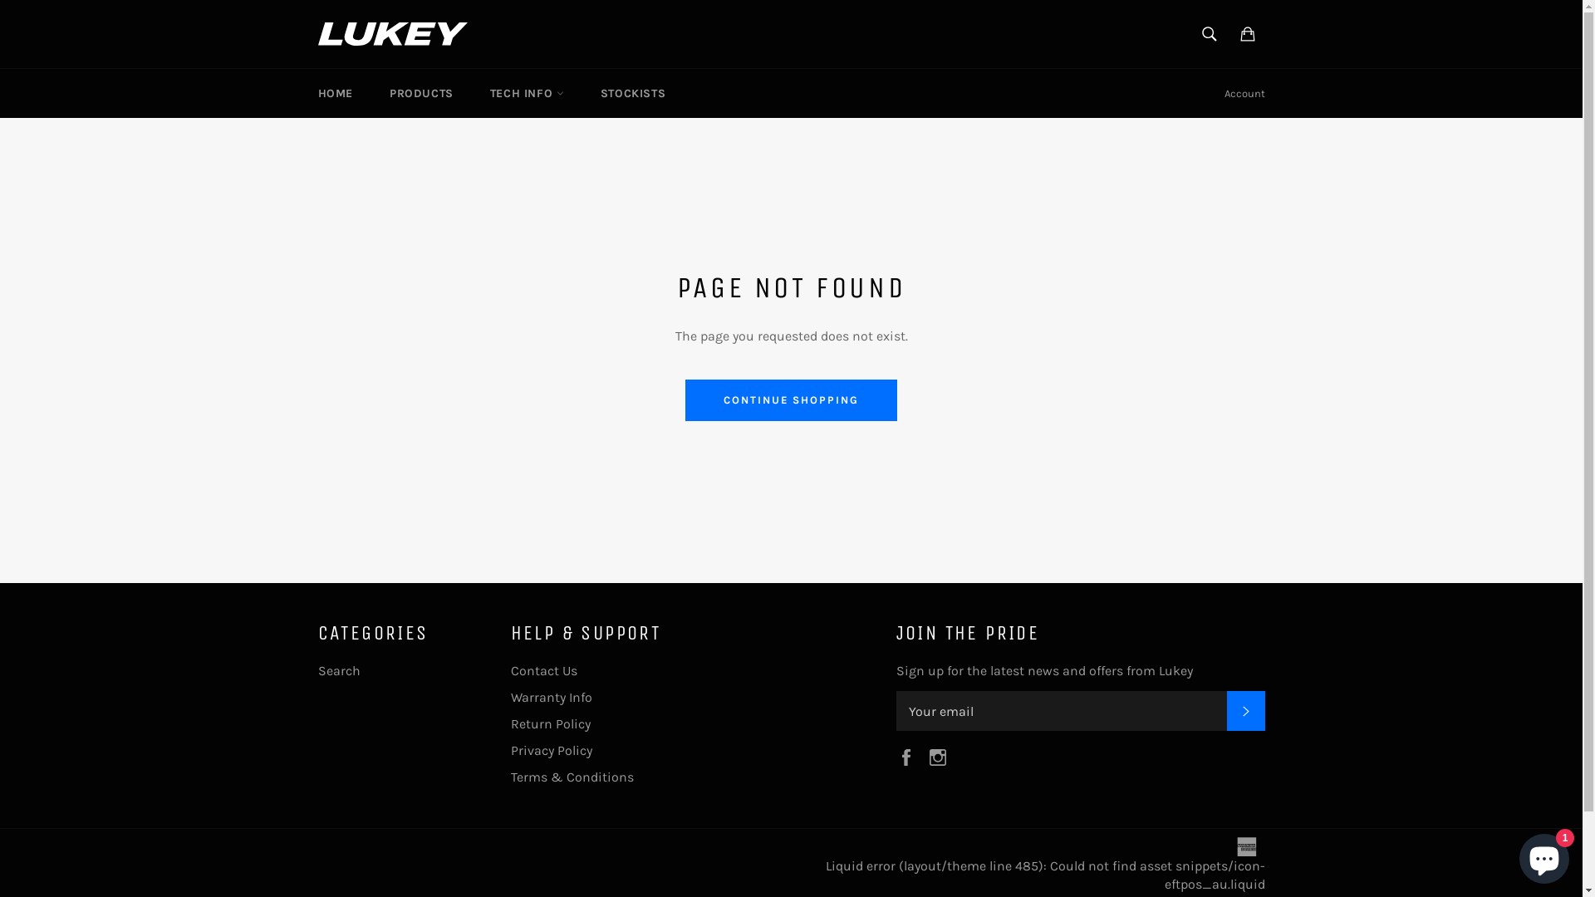  What do you see at coordinates (421, 93) in the screenshot?
I see `'PRODUCTS'` at bounding box center [421, 93].